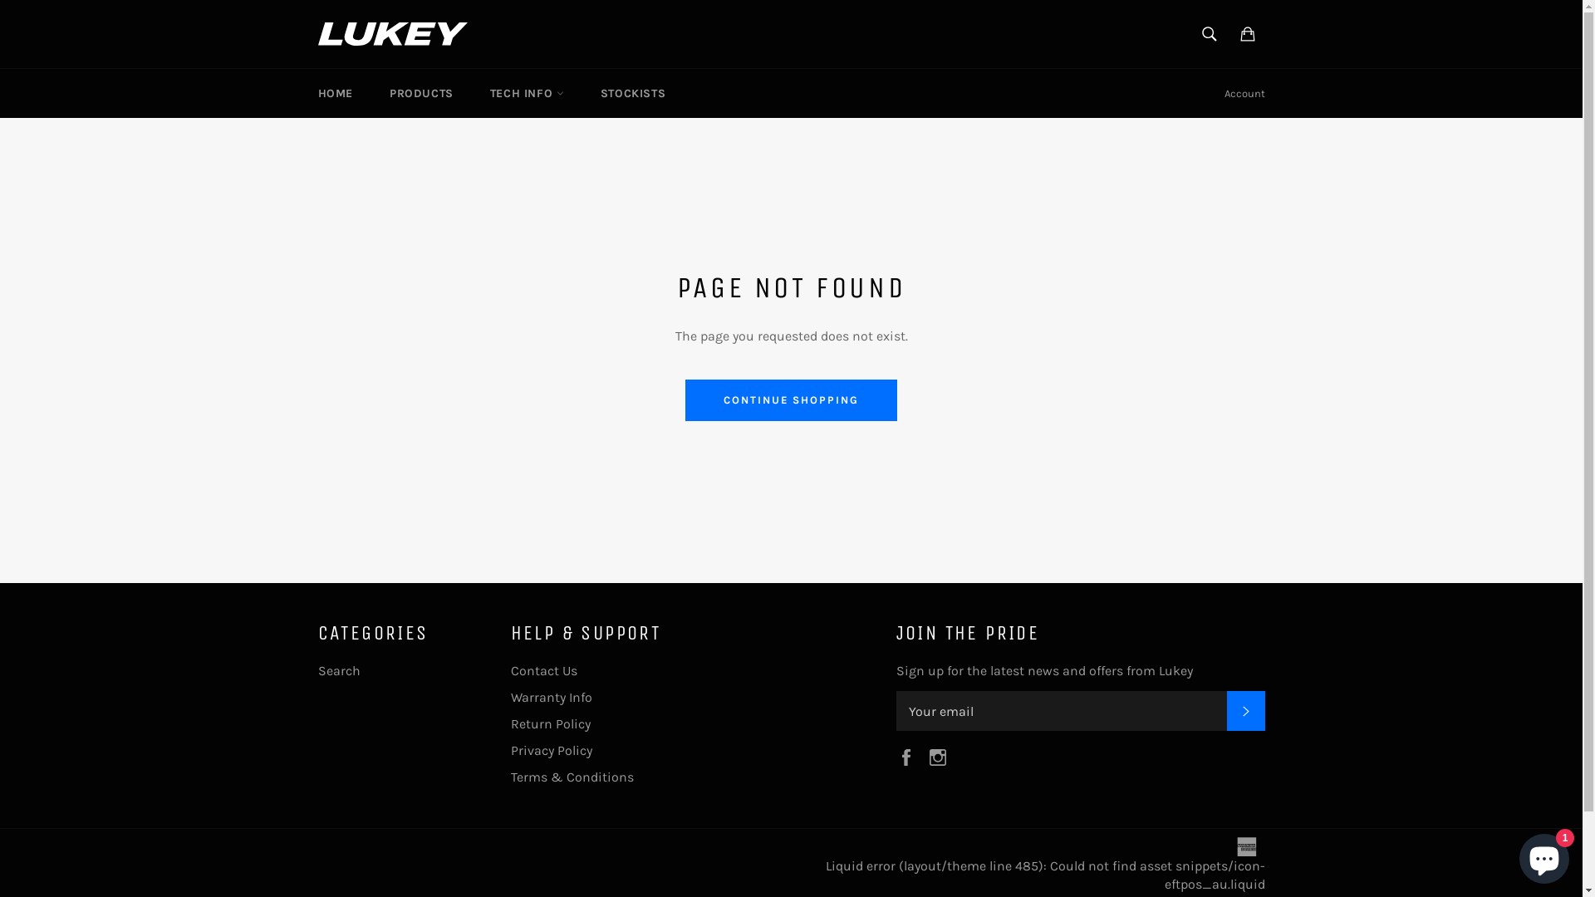  What do you see at coordinates (421, 93) in the screenshot?
I see `'PRODUCTS'` at bounding box center [421, 93].